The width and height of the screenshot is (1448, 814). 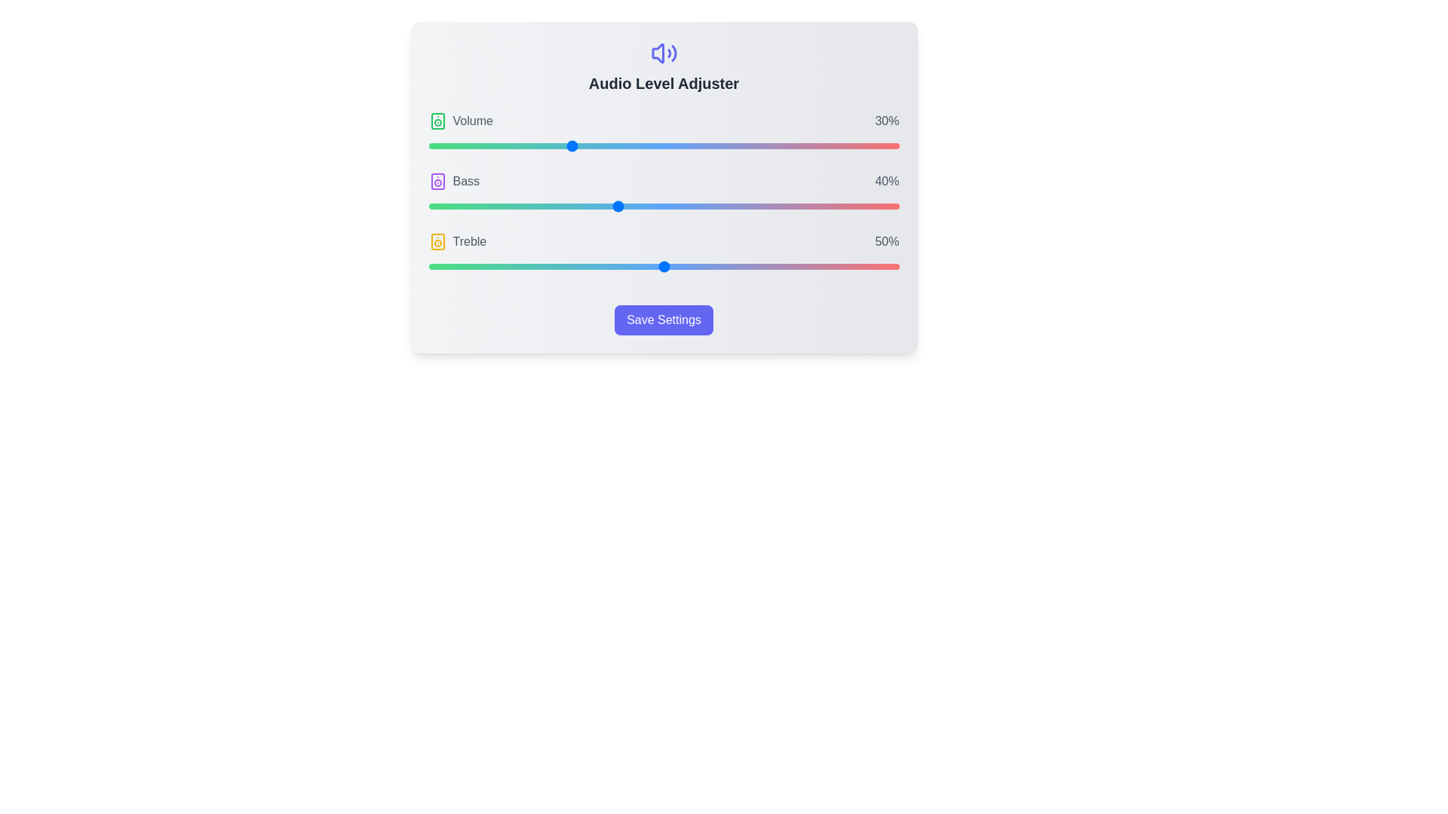 What do you see at coordinates (474, 266) in the screenshot?
I see `the Treble slider to 10%` at bounding box center [474, 266].